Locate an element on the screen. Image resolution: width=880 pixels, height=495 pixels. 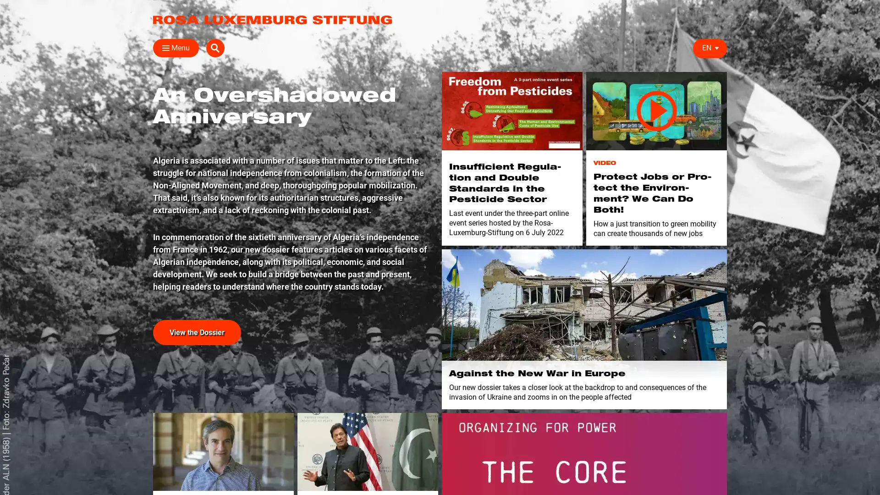
Show more / less is located at coordinates (292, 108).